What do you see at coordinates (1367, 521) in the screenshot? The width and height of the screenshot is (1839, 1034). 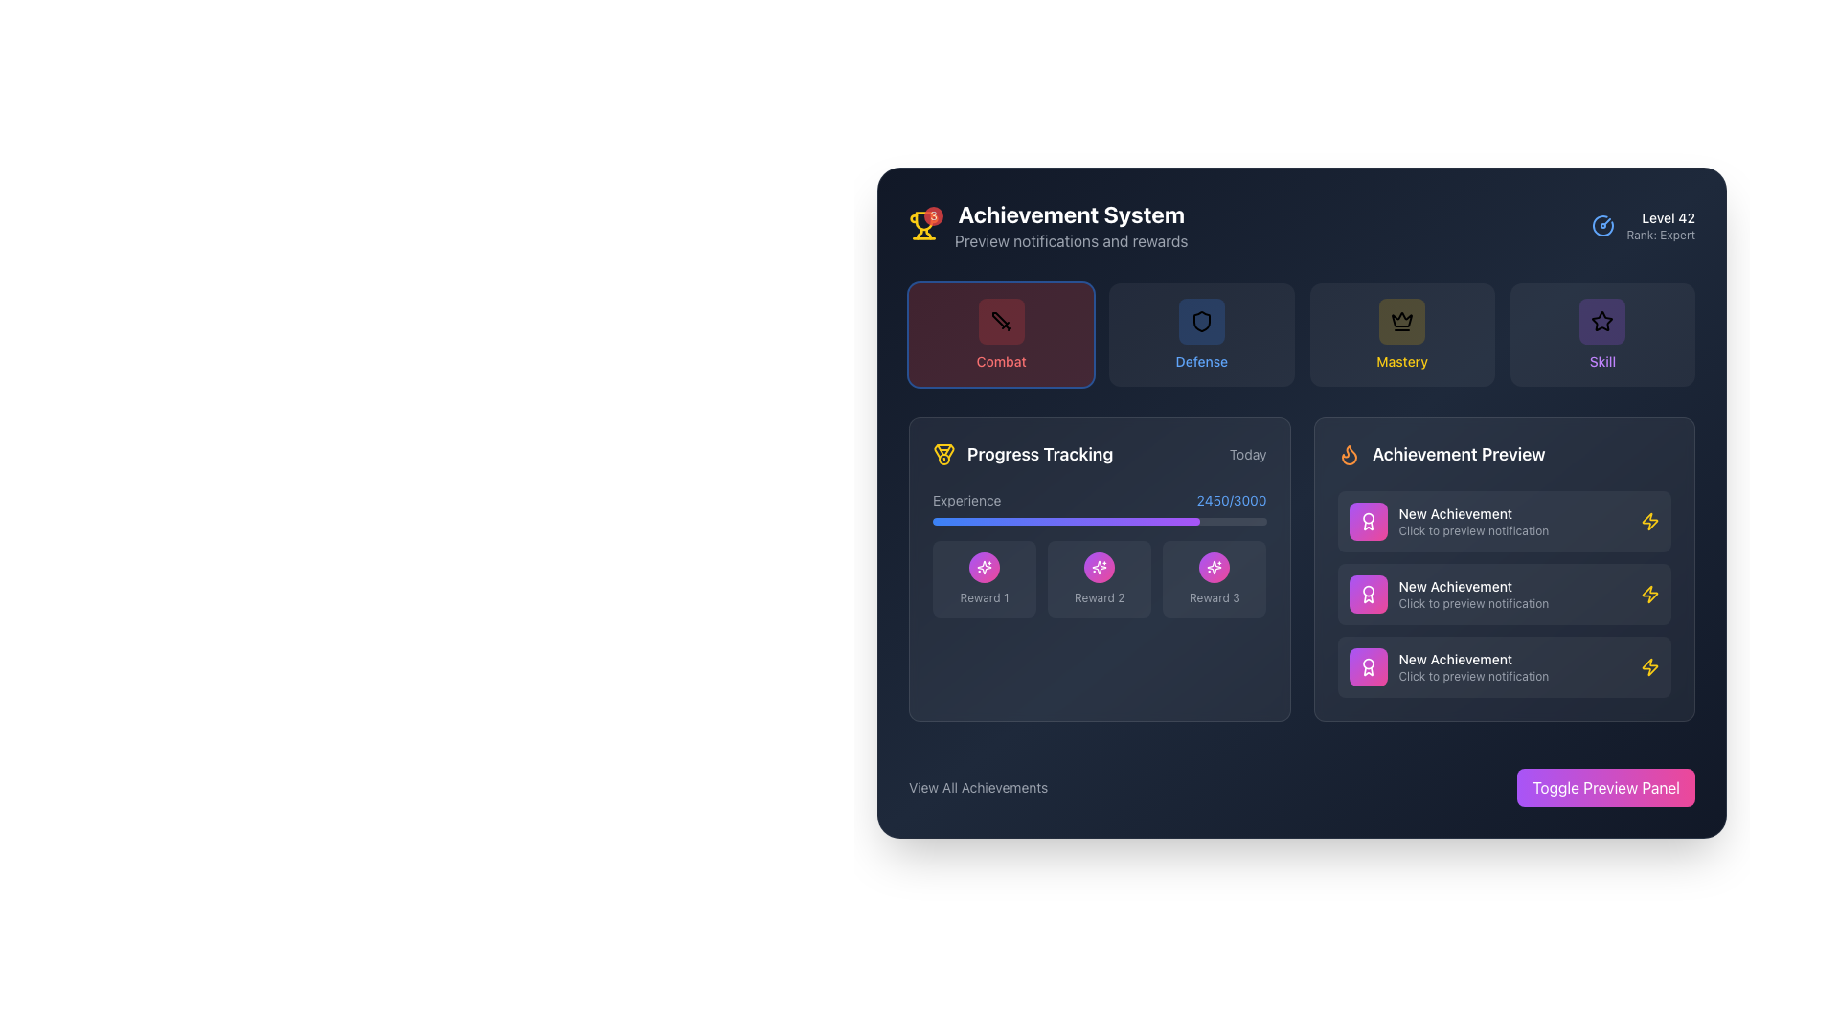 I see `the leftmost icon button representing an award or achievement in the 'Achievement Preview' section` at bounding box center [1367, 521].